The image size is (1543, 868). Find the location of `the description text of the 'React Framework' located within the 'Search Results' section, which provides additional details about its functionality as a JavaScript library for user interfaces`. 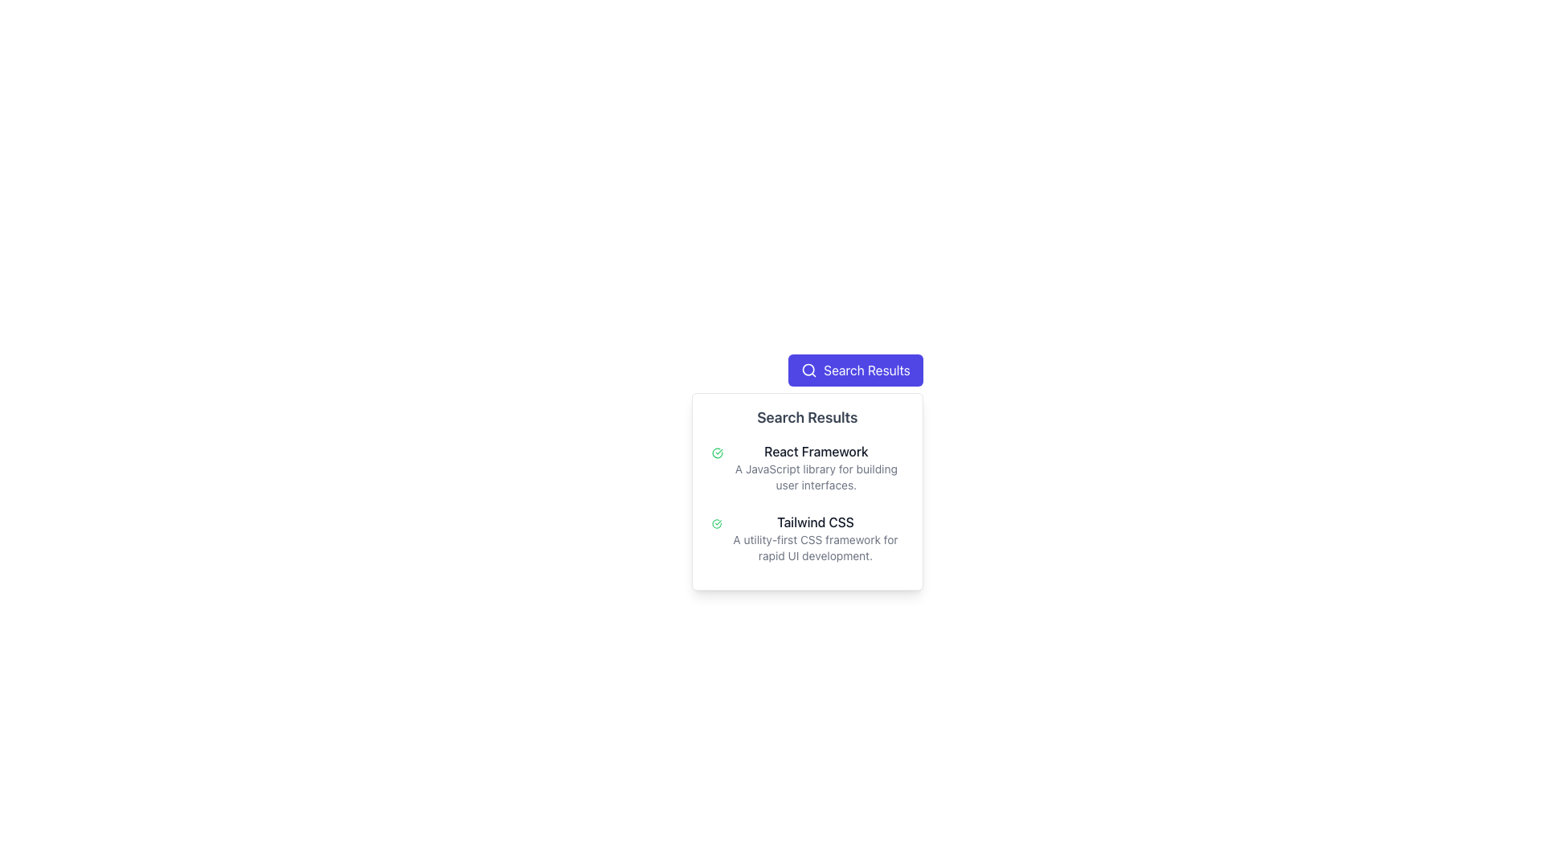

the description text of the 'React Framework' located within the 'Search Results' section, which provides additional details about its functionality as a JavaScript library for user interfaces is located at coordinates (816, 477).